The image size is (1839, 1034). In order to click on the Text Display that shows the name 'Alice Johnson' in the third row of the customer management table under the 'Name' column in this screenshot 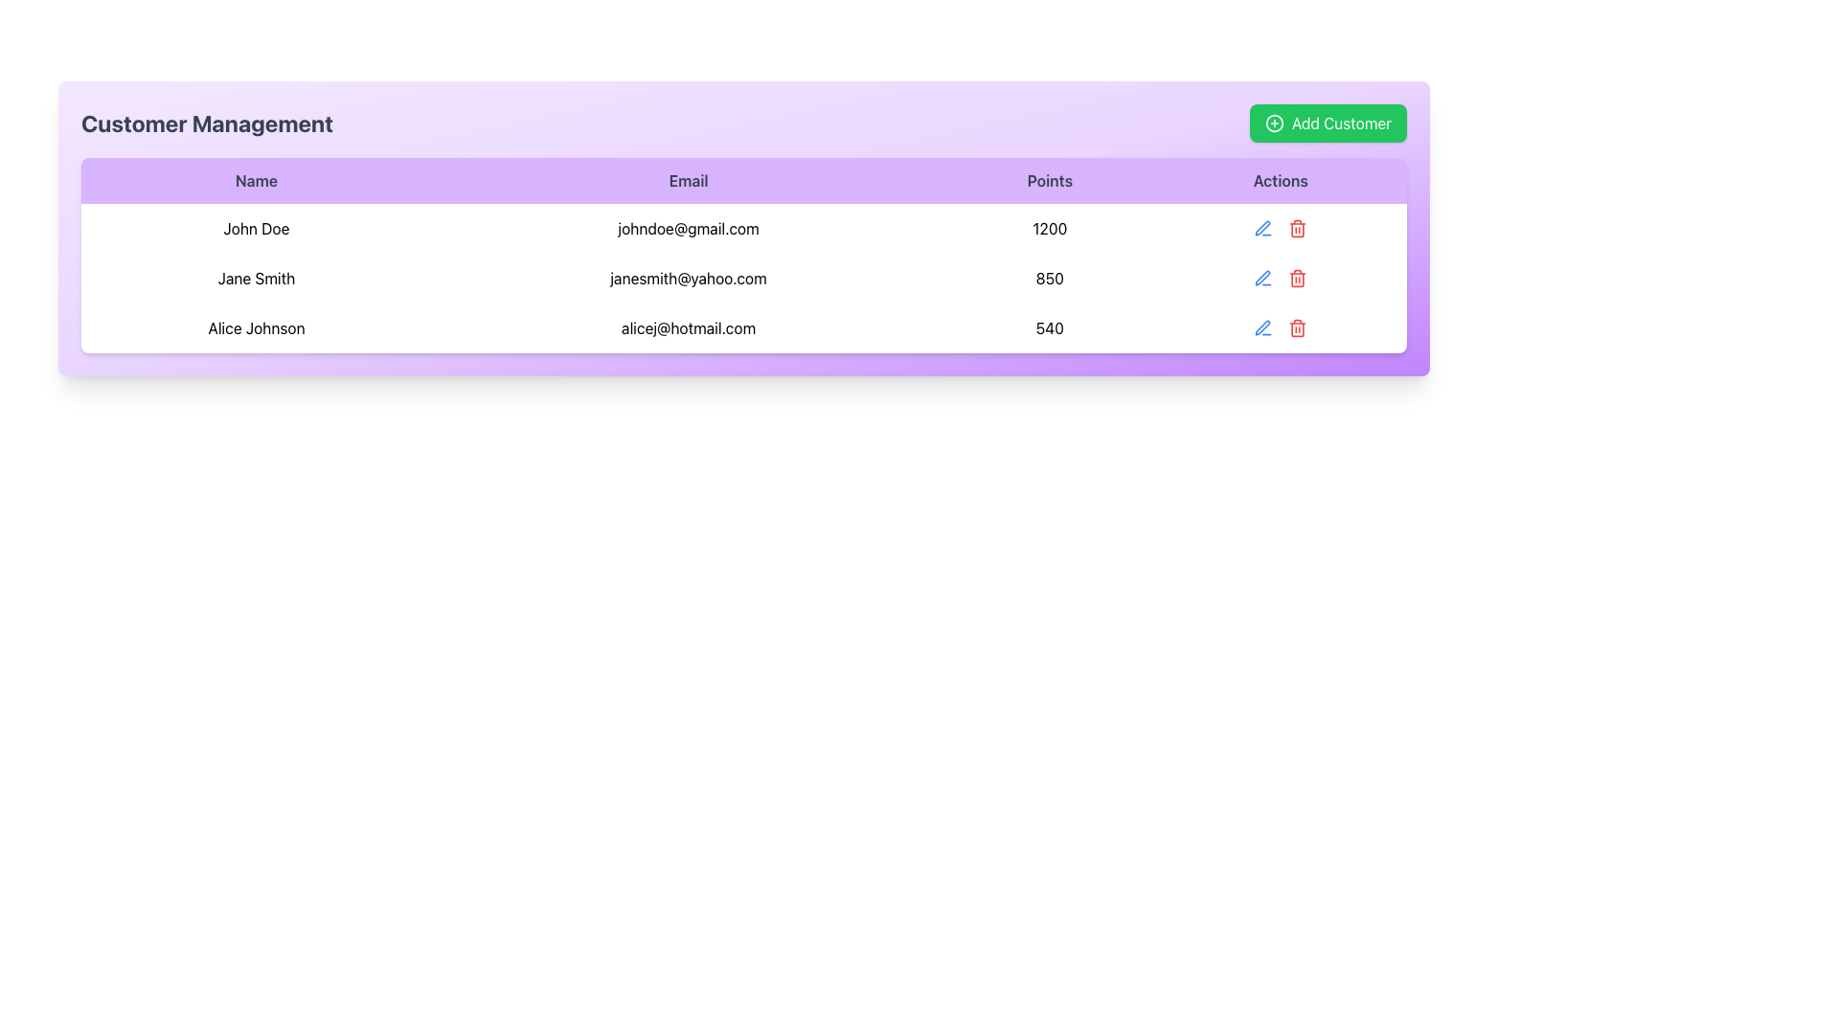, I will do `click(256, 327)`.